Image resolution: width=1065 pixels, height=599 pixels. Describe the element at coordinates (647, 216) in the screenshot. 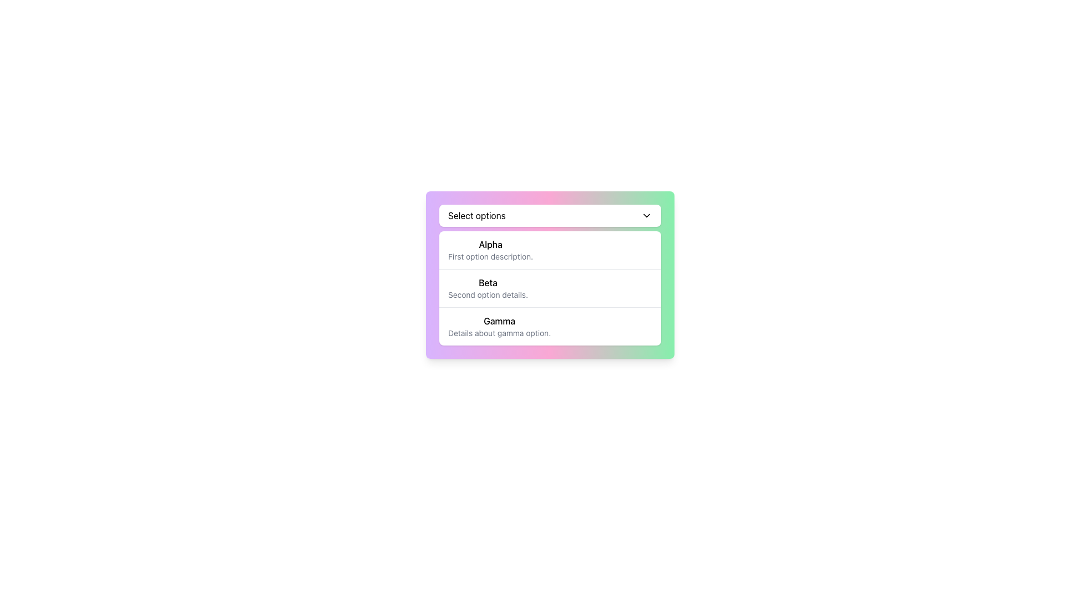

I see `the downward-pointing triangle icon located at the rightmost side of the 'Select options' dropdown` at that location.